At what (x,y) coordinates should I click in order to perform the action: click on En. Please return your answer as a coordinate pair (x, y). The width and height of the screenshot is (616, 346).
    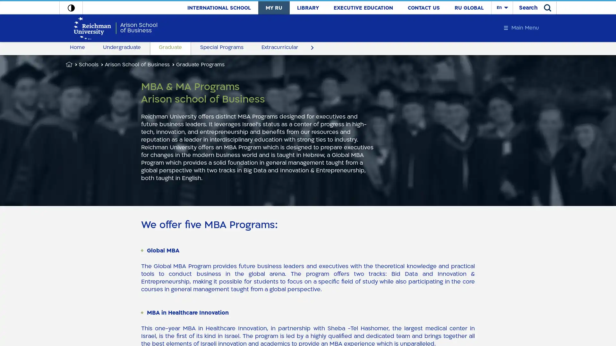
    Looking at the image, I should click on (501, 8).